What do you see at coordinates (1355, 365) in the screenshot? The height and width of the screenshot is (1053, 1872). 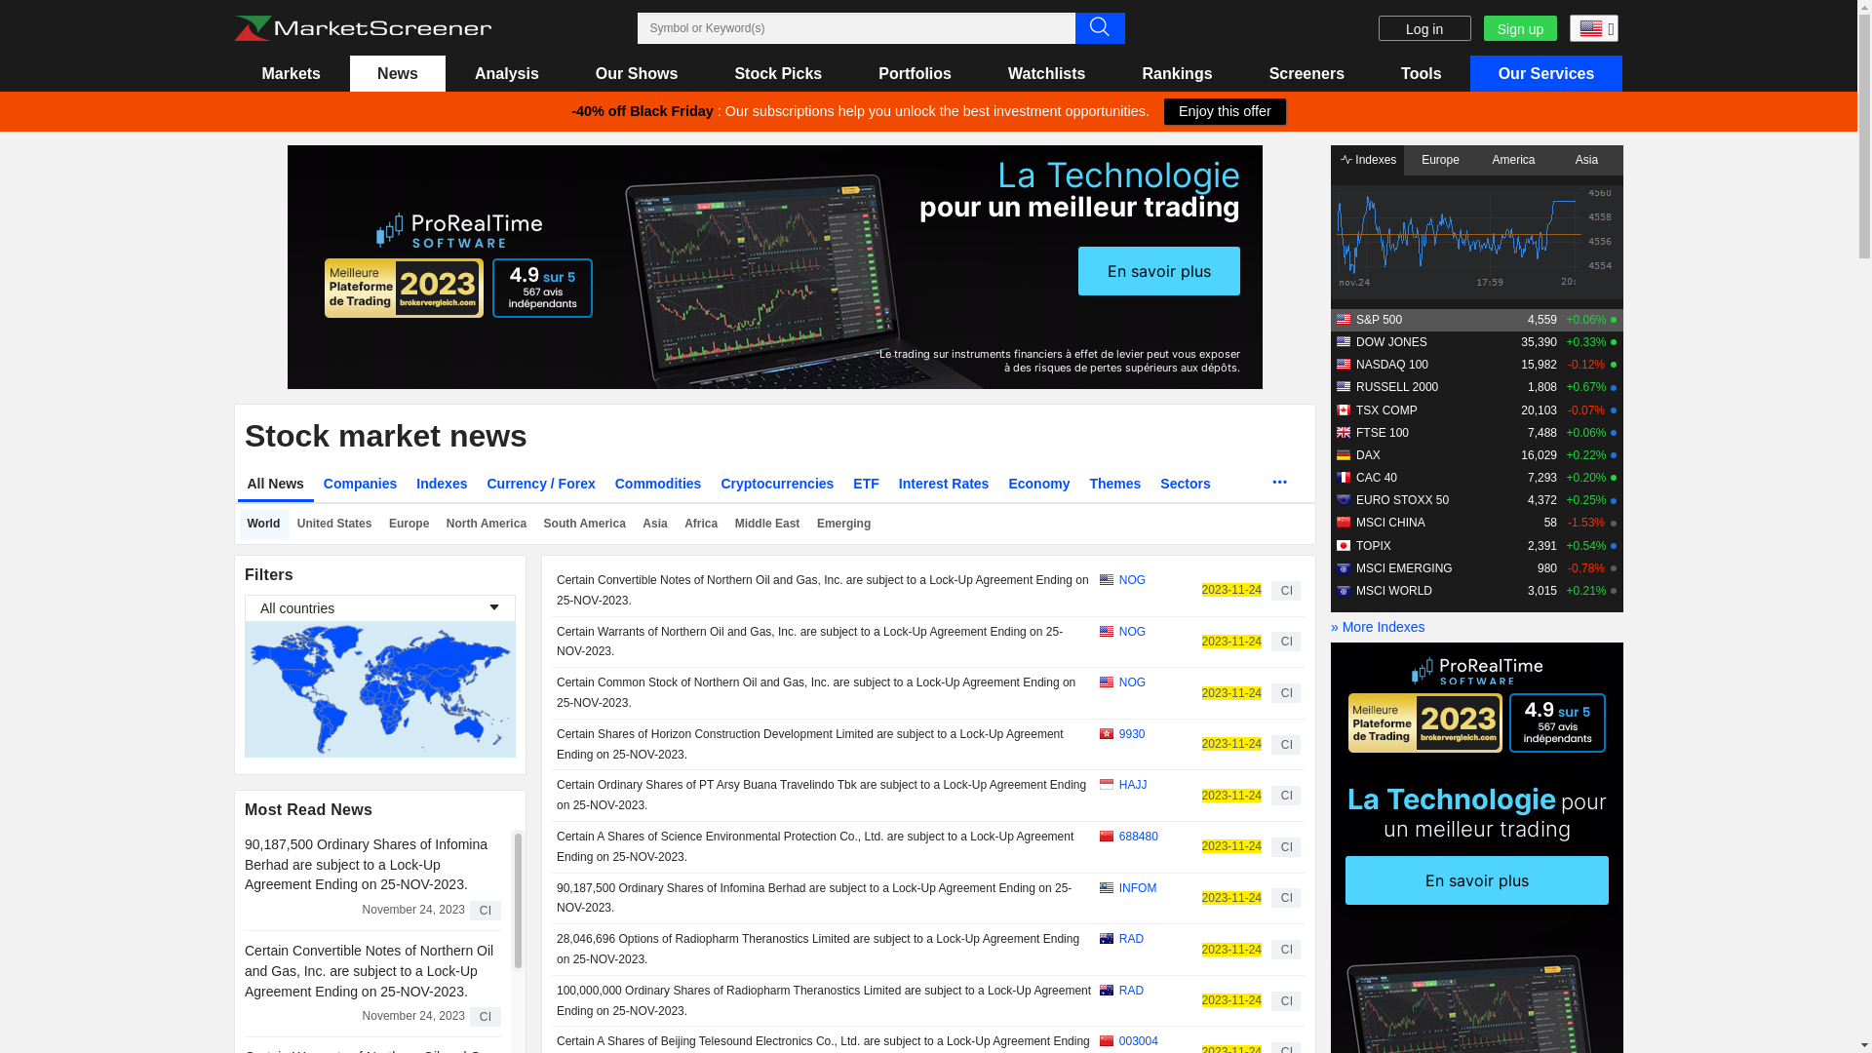 I see `'NASDAQ 100'` at bounding box center [1355, 365].